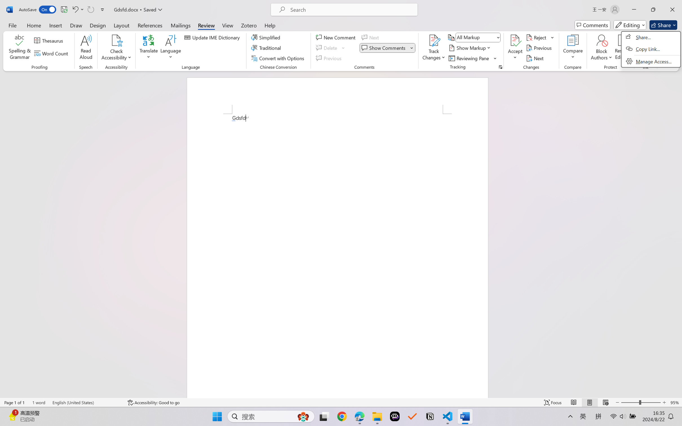  What do you see at coordinates (540, 37) in the screenshot?
I see `'Reject'` at bounding box center [540, 37].